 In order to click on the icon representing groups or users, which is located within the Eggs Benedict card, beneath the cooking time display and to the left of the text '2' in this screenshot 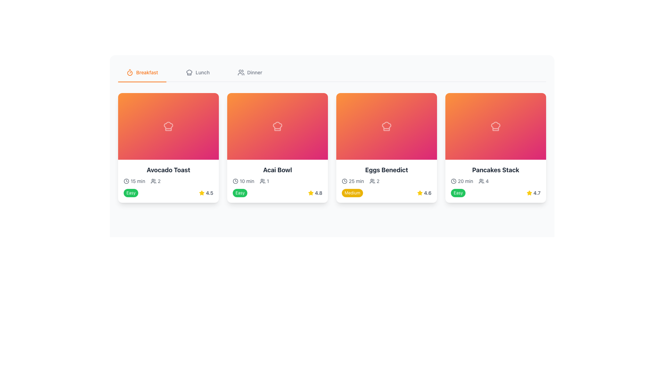, I will do `click(372, 181)`.